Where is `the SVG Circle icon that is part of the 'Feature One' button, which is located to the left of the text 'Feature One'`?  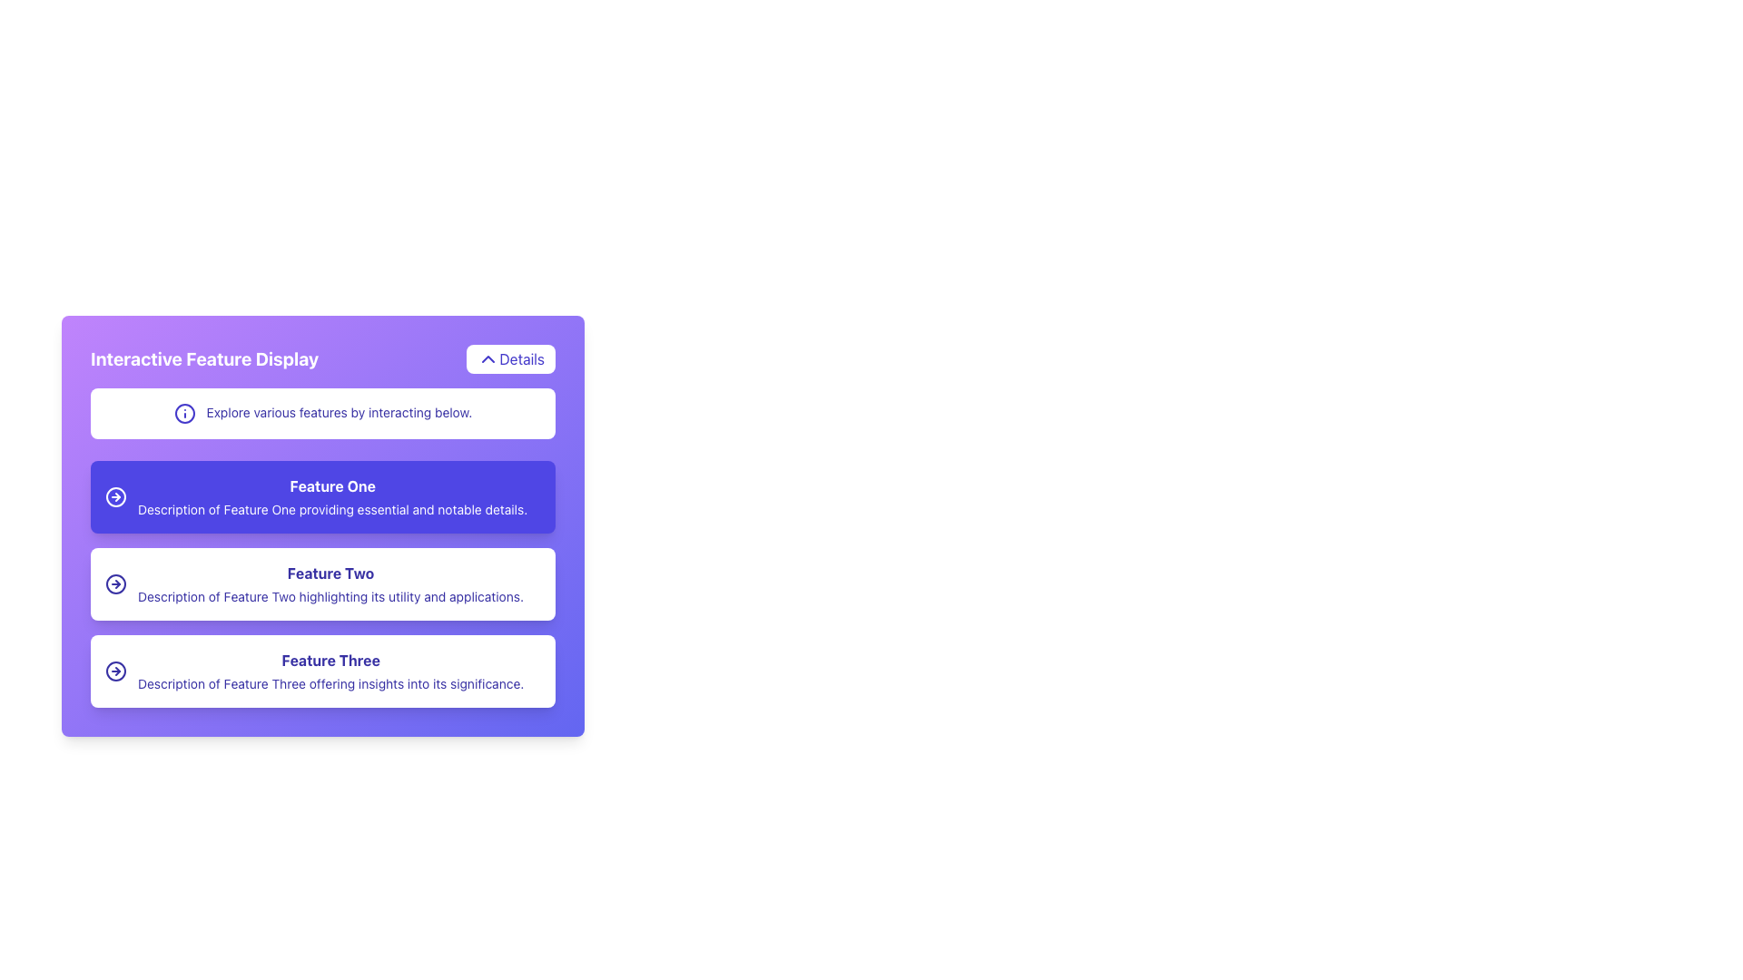
the SVG Circle icon that is part of the 'Feature One' button, which is located to the left of the text 'Feature One' is located at coordinates (115, 496).